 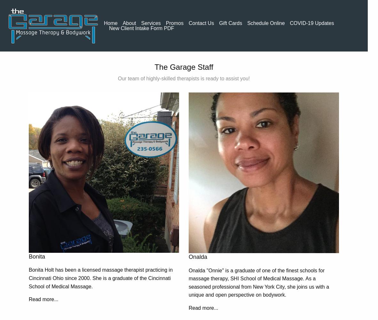 What do you see at coordinates (198, 257) in the screenshot?
I see `'Onalda'` at bounding box center [198, 257].